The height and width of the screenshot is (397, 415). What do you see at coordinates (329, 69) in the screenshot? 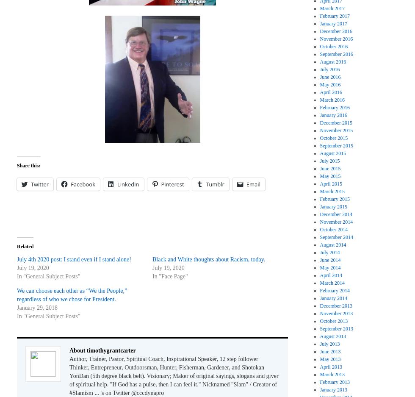
I see `'July 2016'` at bounding box center [329, 69].